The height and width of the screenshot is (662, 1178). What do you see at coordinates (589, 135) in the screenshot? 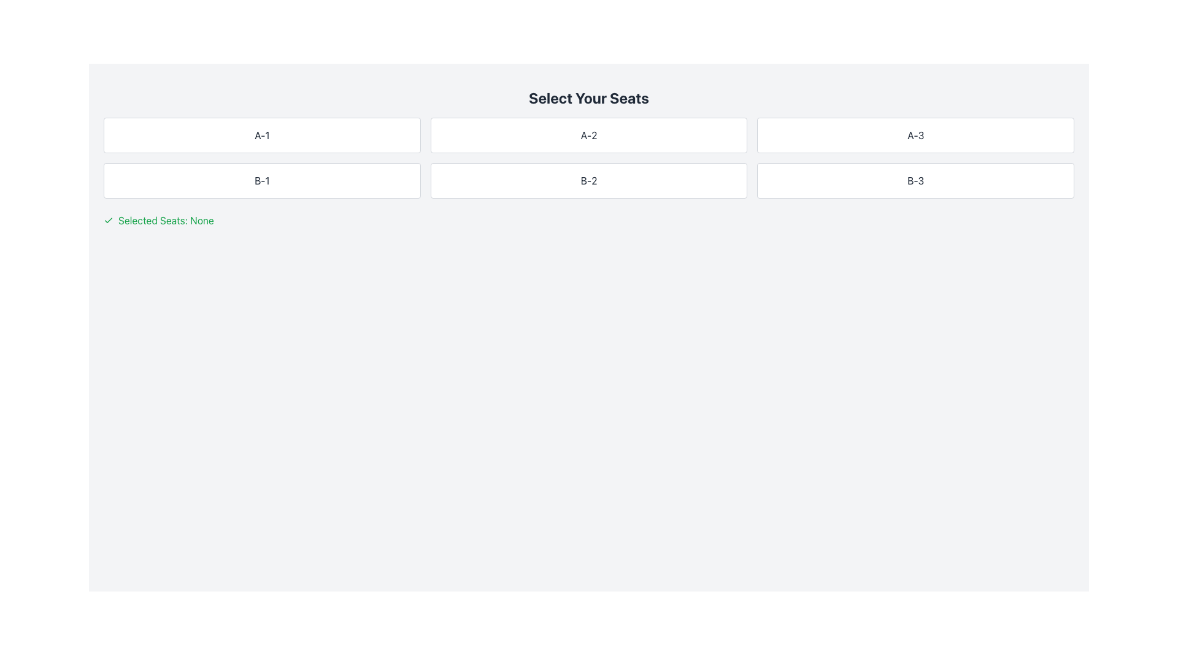
I see `the button labeled 'A-2' with a white background and dark bold text` at bounding box center [589, 135].